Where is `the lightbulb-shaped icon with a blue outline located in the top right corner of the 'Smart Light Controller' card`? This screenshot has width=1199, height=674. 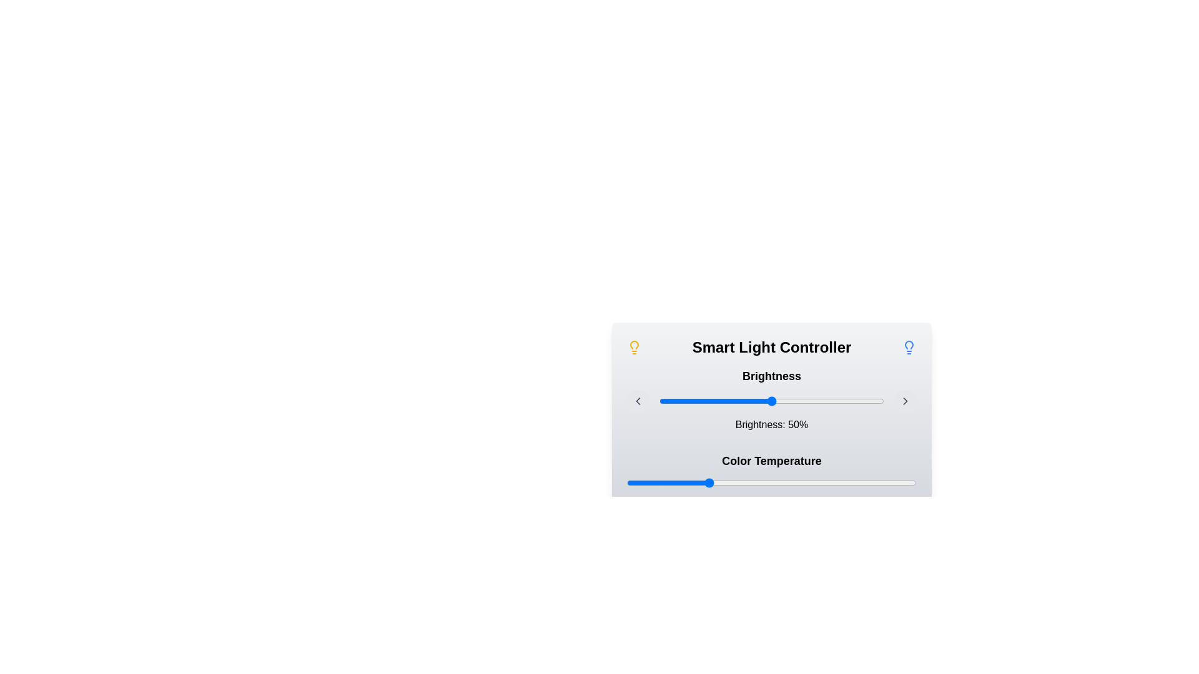
the lightbulb-shaped icon with a blue outline located in the top right corner of the 'Smart Light Controller' card is located at coordinates (909, 347).